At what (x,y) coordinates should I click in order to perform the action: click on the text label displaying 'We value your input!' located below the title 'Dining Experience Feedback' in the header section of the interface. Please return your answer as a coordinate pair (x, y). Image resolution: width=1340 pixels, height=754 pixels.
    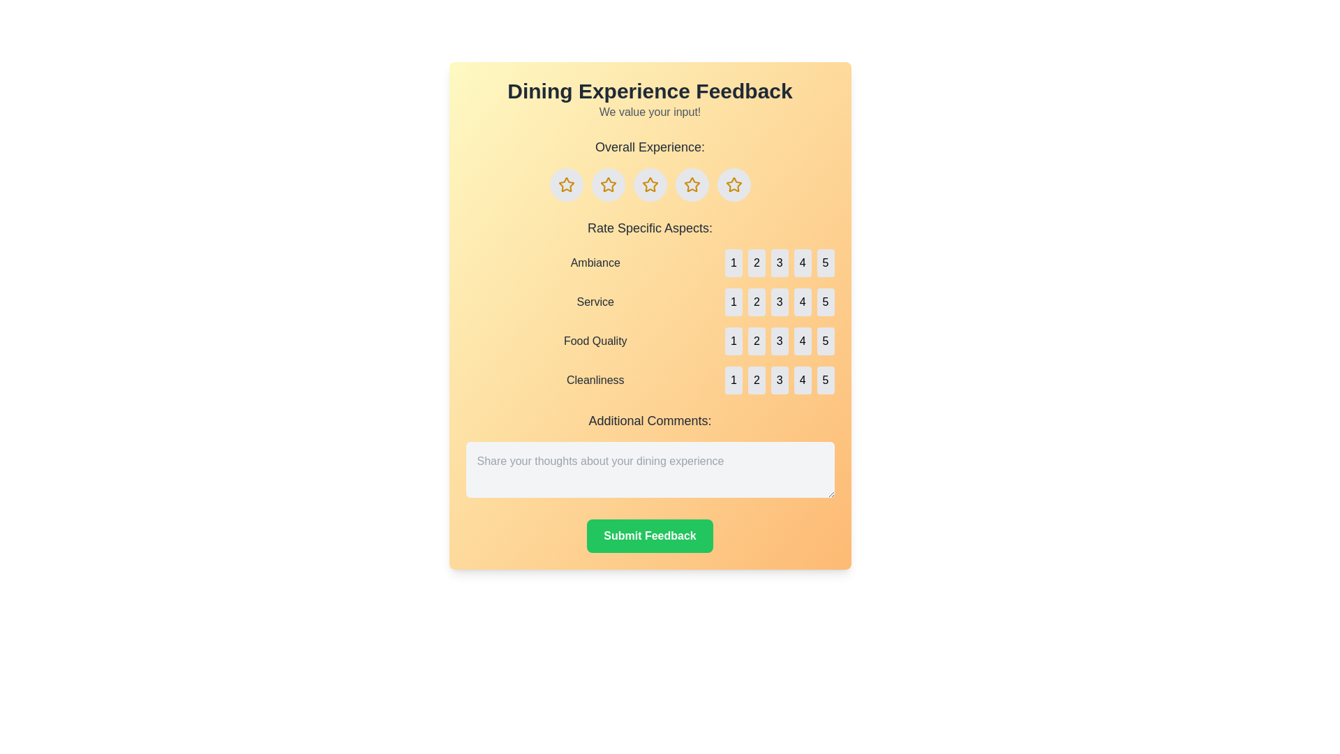
    Looking at the image, I should click on (649, 112).